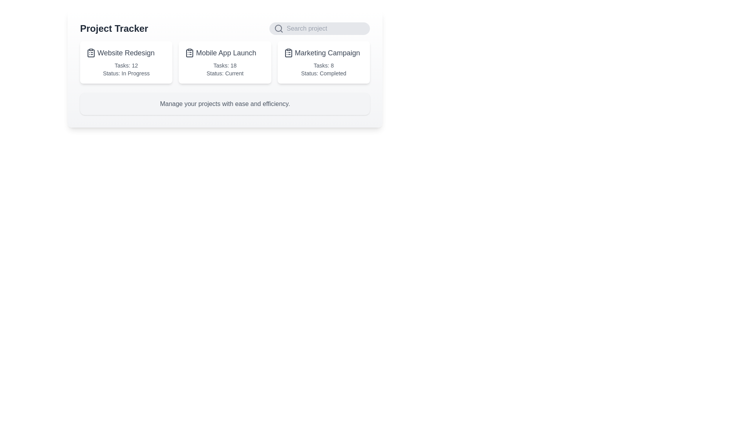 The height and width of the screenshot is (424, 754). What do you see at coordinates (320, 28) in the screenshot?
I see `the Search bar located at the top right of the 'Project Tracker' section, which has a light gray background and a gray magnifying glass icon` at bounding box center [320, 28].